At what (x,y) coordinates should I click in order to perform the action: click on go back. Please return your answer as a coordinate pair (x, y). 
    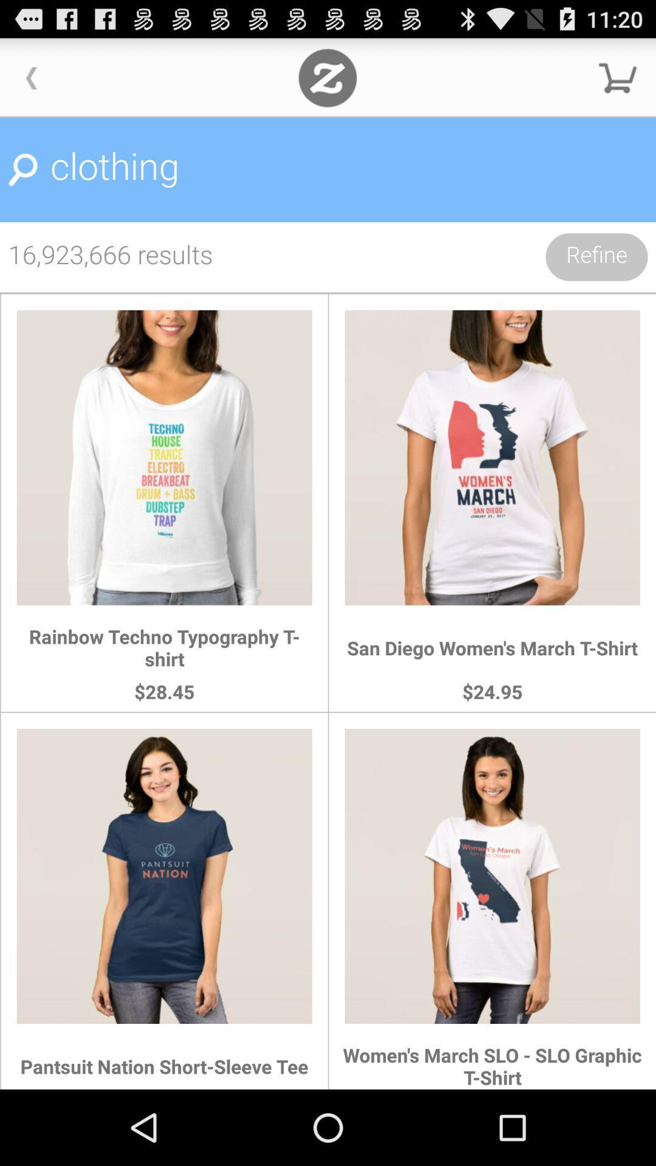
    Looking at the image, I should click on (31, 77).